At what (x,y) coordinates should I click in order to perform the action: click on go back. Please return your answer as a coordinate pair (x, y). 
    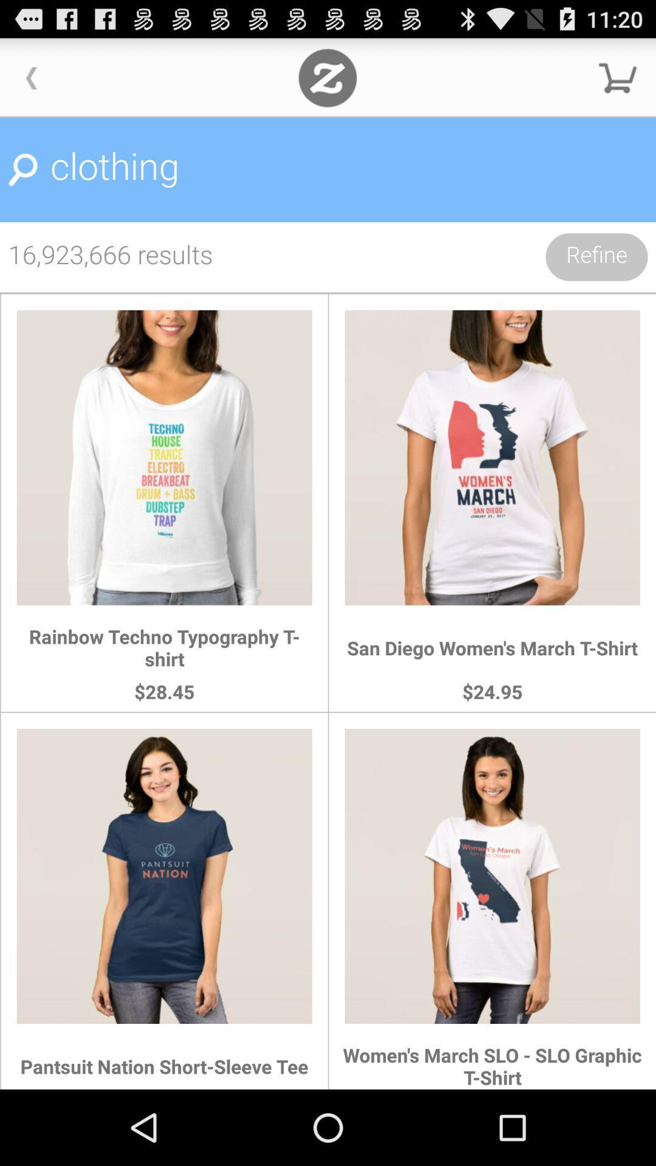
    Looking at the image, I should click on (31, 77).